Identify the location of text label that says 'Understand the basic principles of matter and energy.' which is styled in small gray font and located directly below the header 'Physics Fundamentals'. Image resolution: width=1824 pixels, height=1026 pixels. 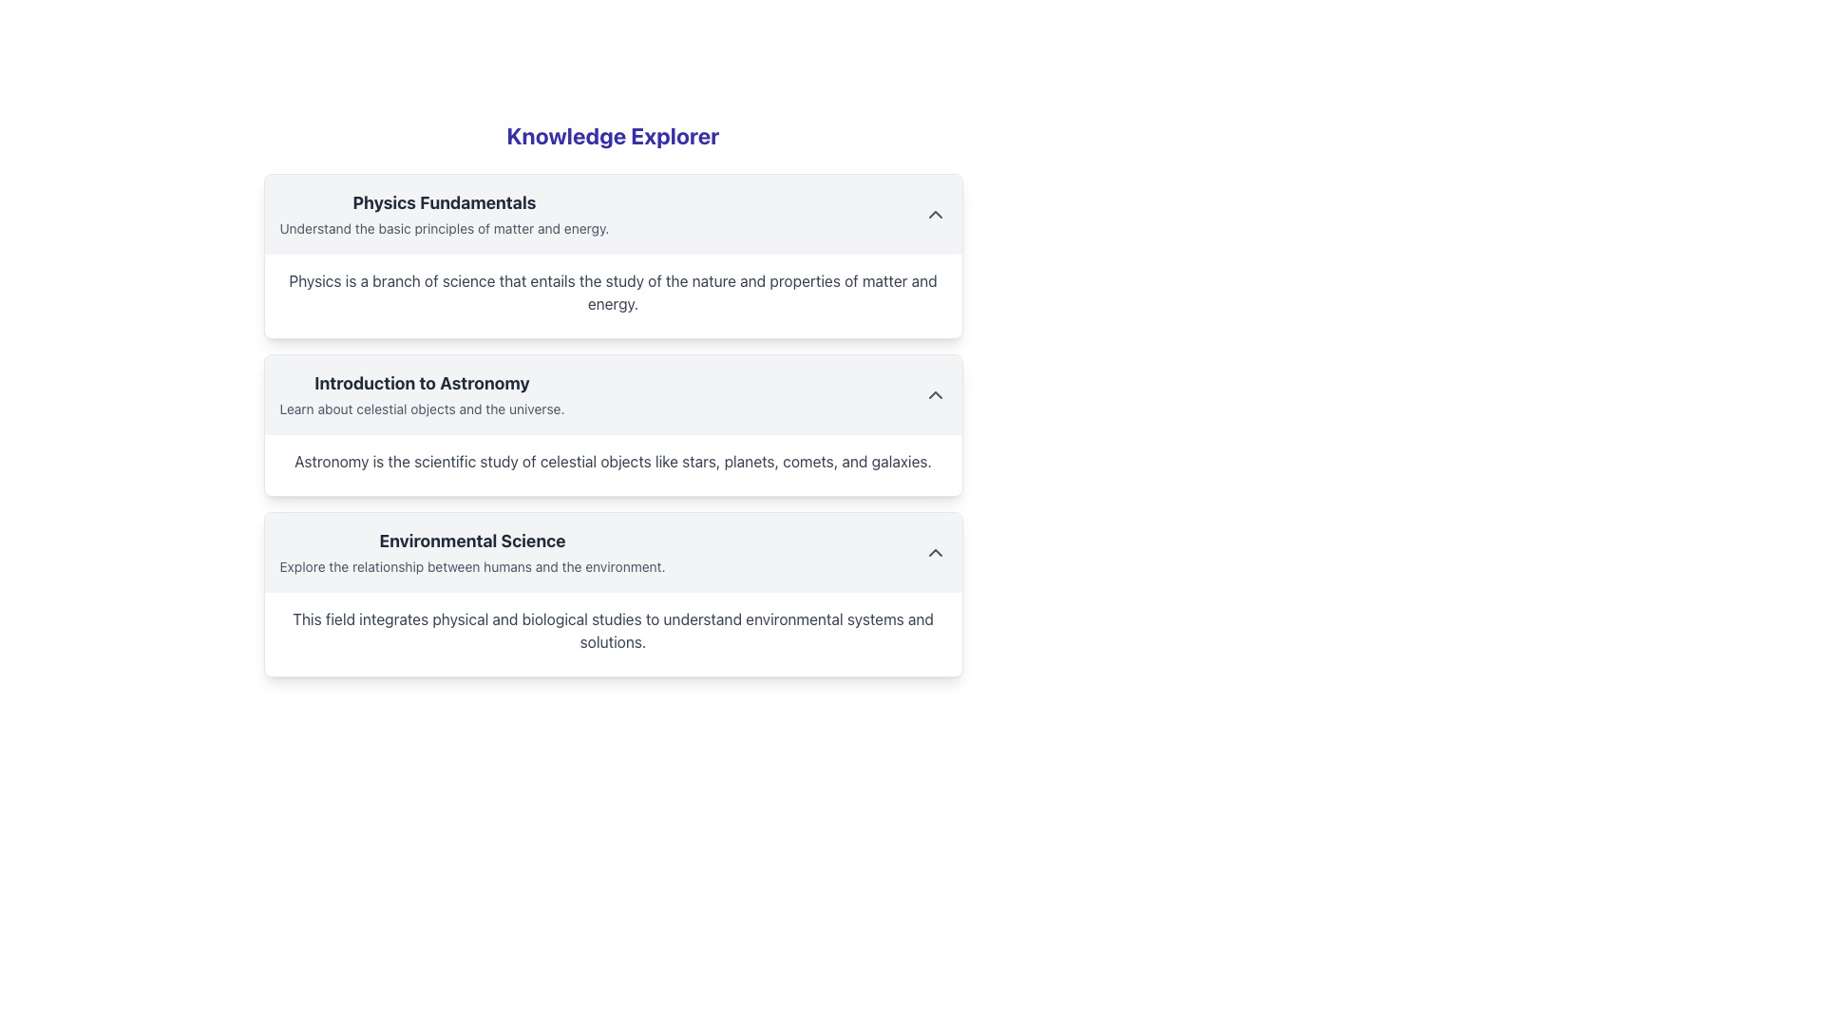
(443, 227).